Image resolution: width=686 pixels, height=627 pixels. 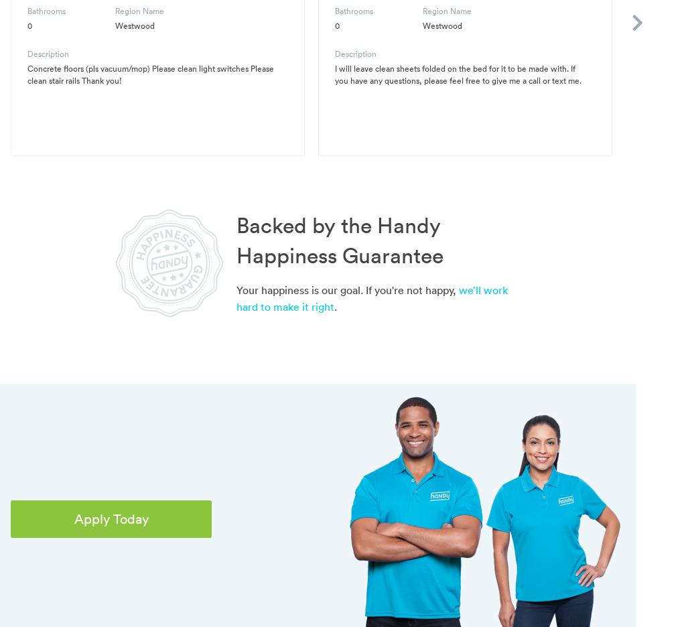 I want to click on 'Concrete floors (pls vacuum/mop) Please clean light switches Please clean stair rails Thank you!', so click(x=149, y=73).